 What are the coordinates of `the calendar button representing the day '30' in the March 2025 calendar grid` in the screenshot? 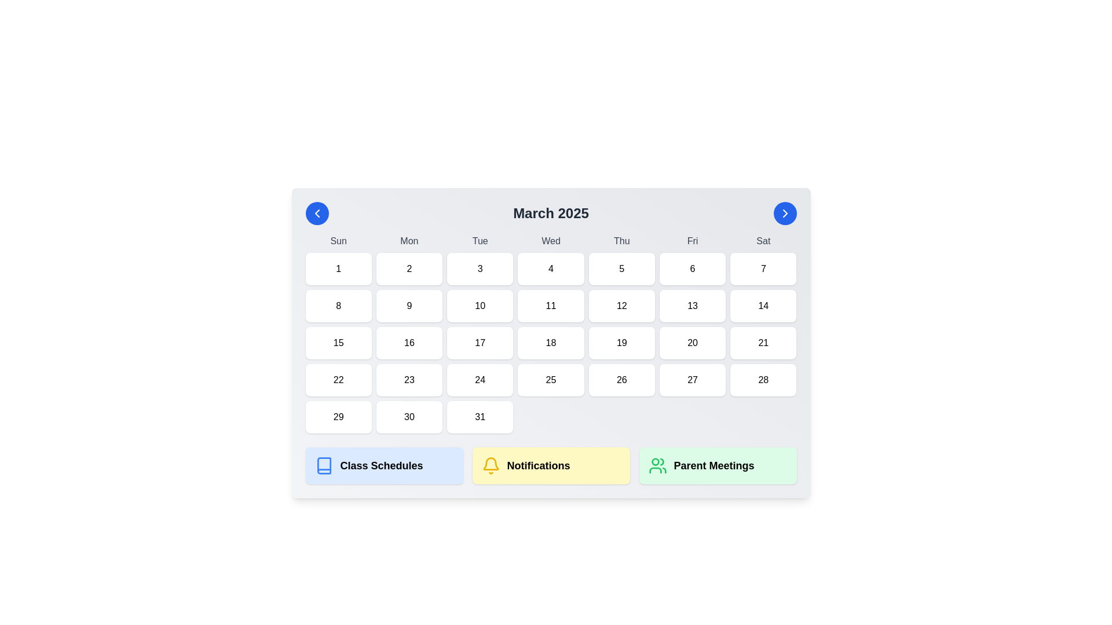 It's located at (409, 417).